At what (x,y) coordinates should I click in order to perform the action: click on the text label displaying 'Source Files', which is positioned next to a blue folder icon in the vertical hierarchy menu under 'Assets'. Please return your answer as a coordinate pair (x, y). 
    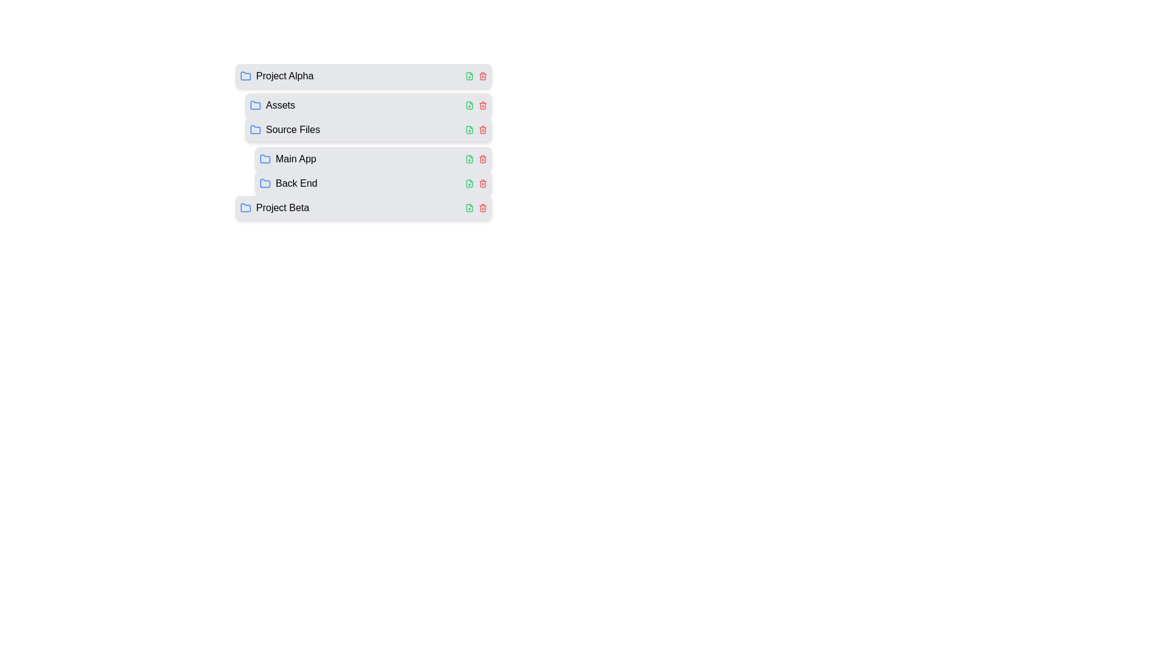
    Looking at the image, I should click on (293, 129).